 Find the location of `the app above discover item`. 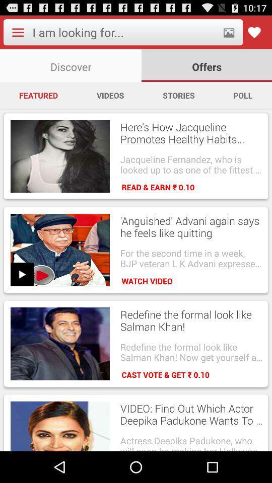

the app above discover item is located at coordinates (124, 32).